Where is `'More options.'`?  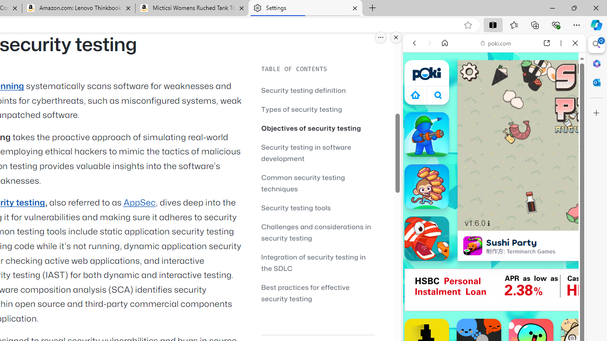
'More options.' is located at coordinates (381, 37).